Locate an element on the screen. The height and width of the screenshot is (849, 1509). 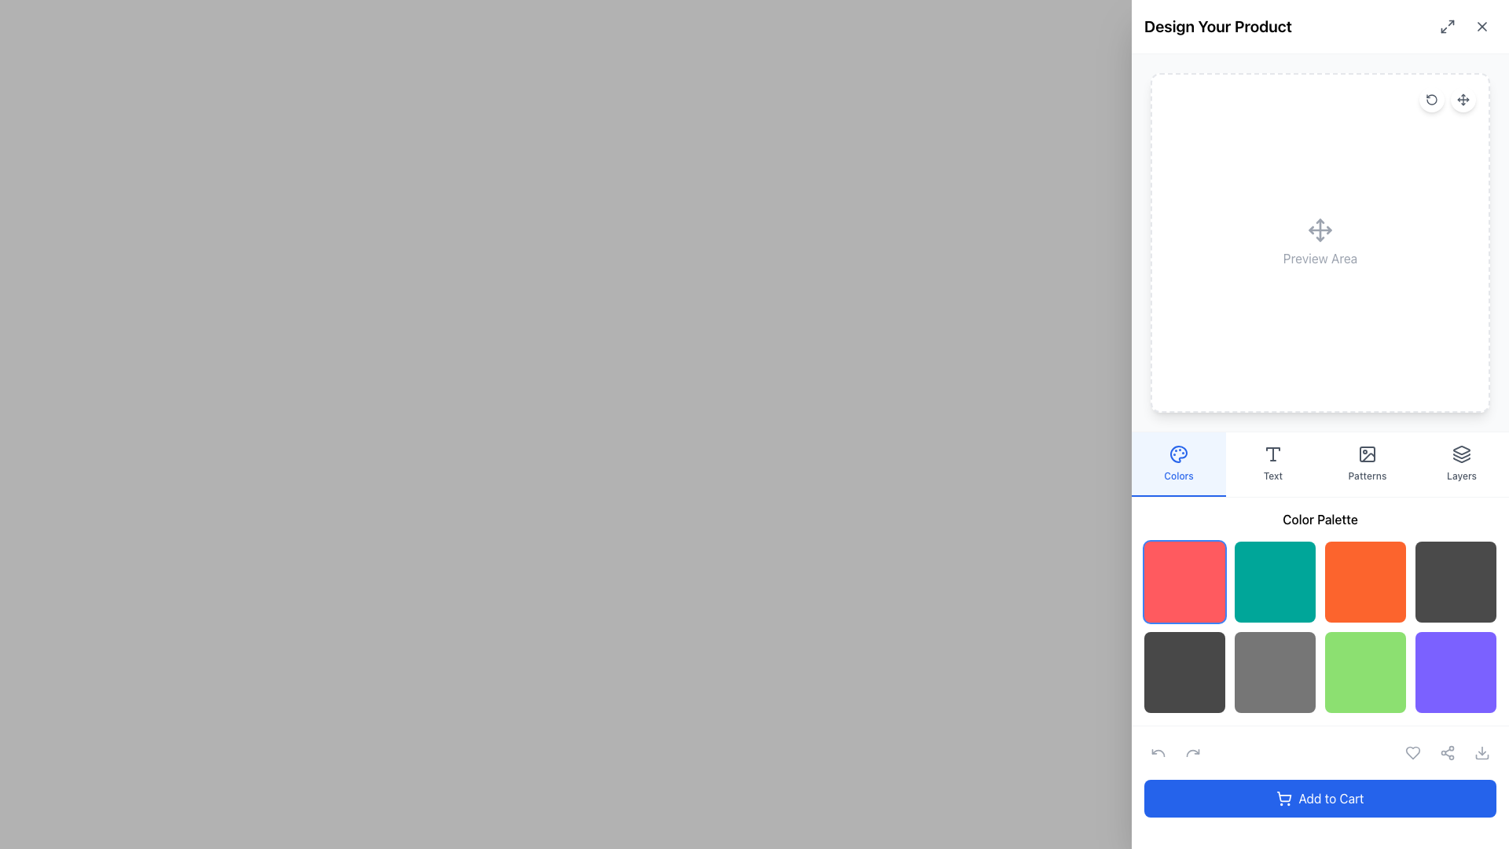
the button with a resizing icon at the top-right corner of the layout is located at coordinates (1447, 27).